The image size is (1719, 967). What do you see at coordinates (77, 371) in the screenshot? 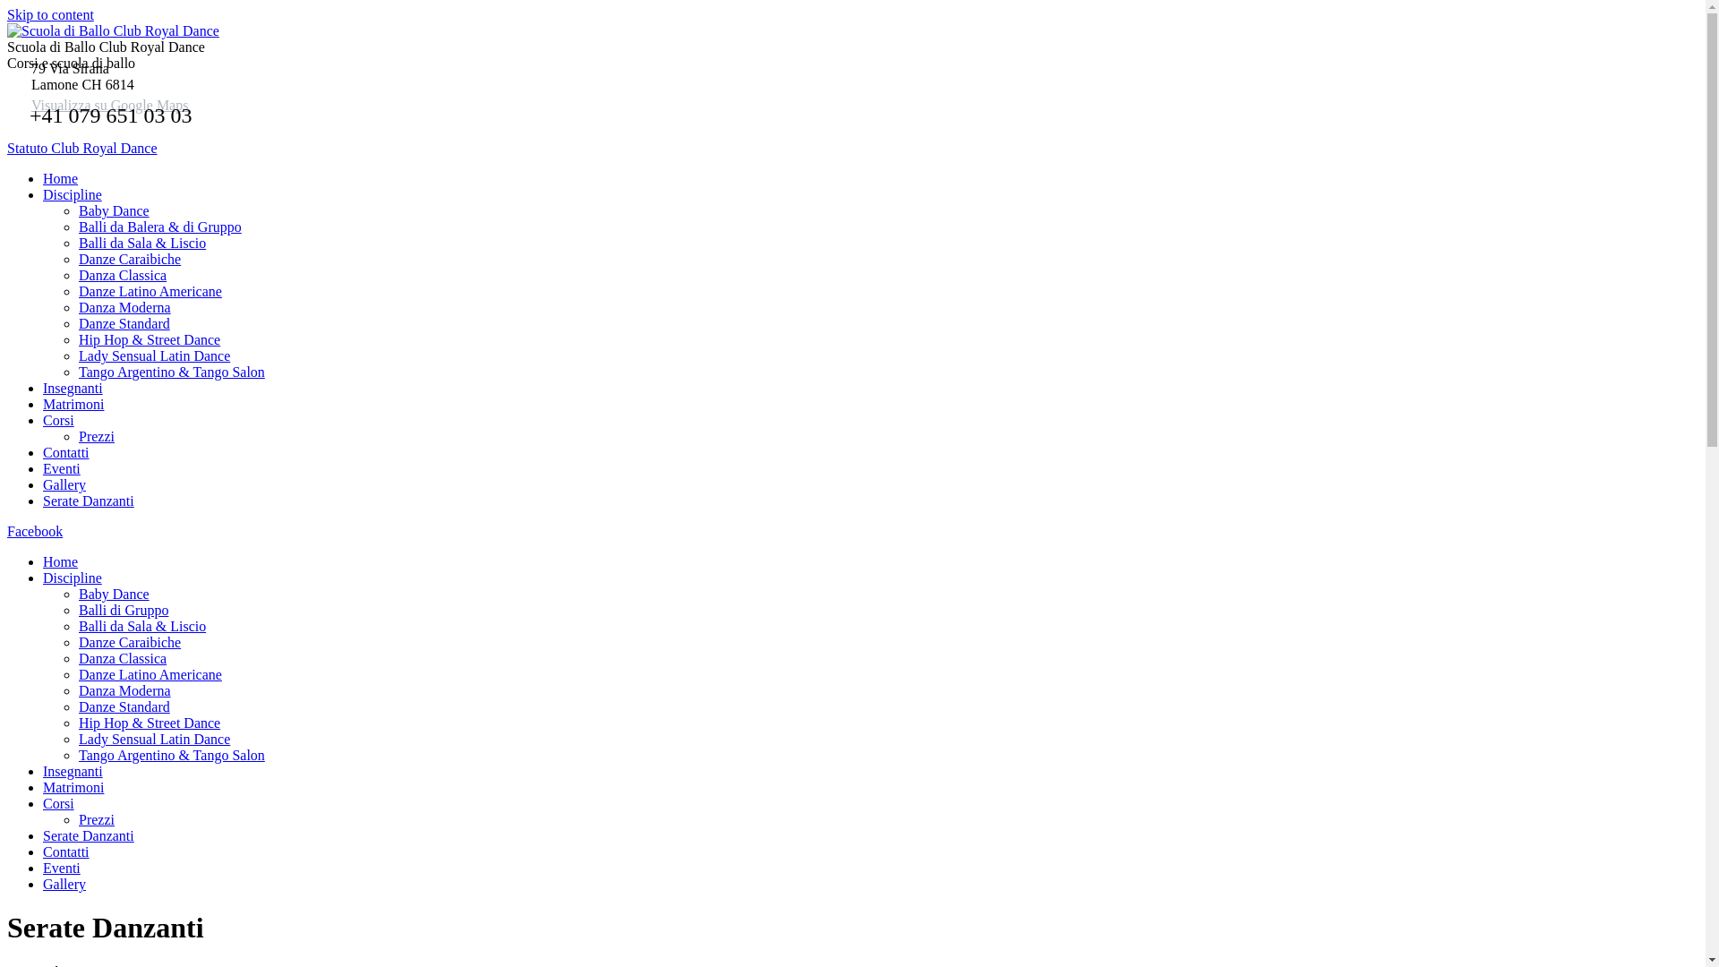
I see `'Tango Argentino & Tango Salon'` at bounding box center [77, 371].